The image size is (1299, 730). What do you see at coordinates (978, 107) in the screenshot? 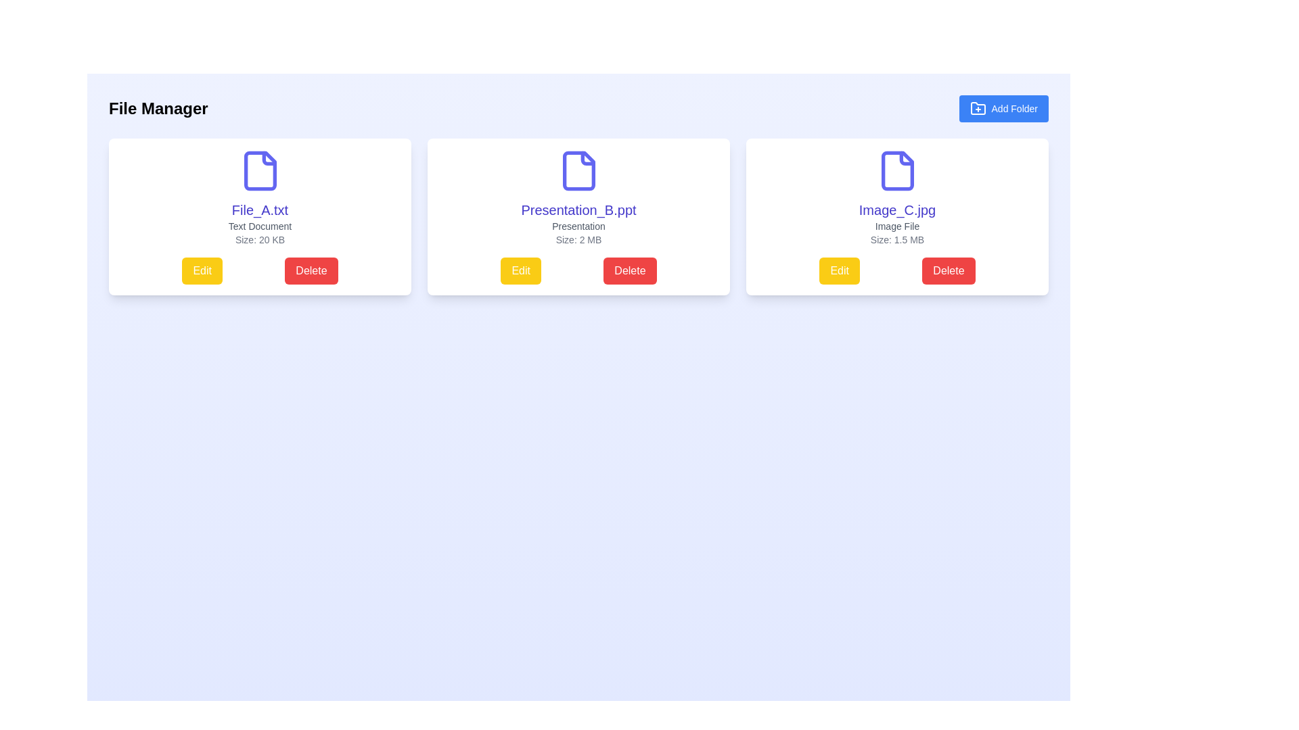
I see `the 'Add Folder' button which contains the folder icon with a plus sign overlay, located at the left side of the text` at bounding box center [978, 107].